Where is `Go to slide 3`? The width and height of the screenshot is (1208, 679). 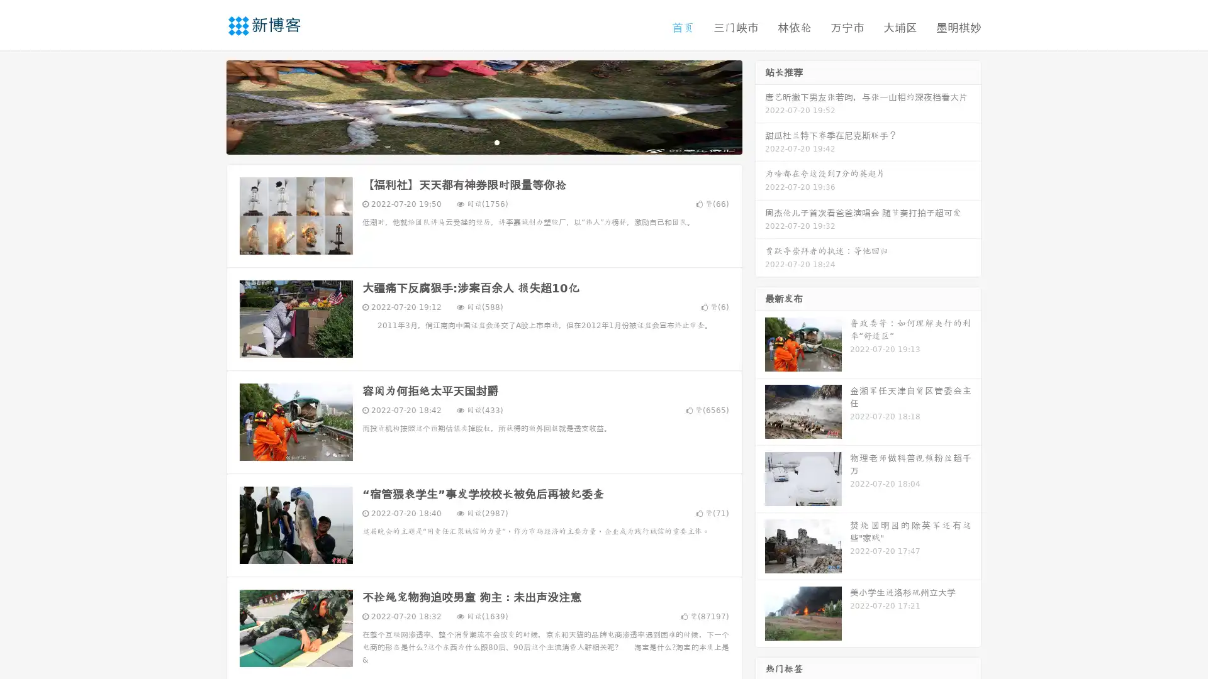 Go to slide 3 is located at coordinates (496, 141).